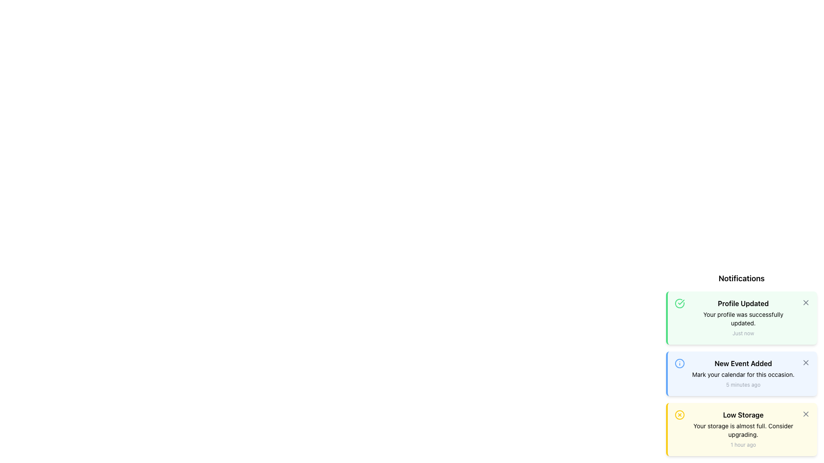 Image resolution: width=824 pixels, height=463 pixels. I want to click on bold title labeled 'Notifications' located at the top of the notification panel, which is the first visible component above any listed notifications, so click(741, 279).